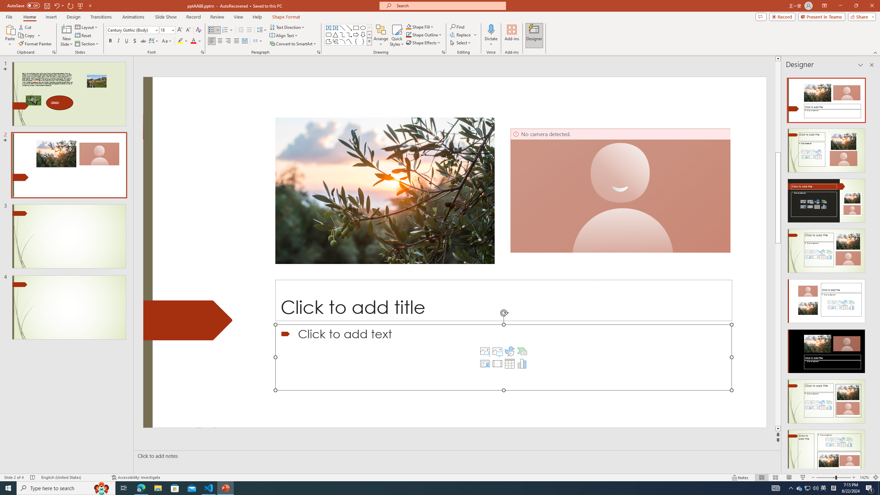 The width and height of the screenshot is (880, 495). I want to click on 'Zoom 142%', so click(865, 477).